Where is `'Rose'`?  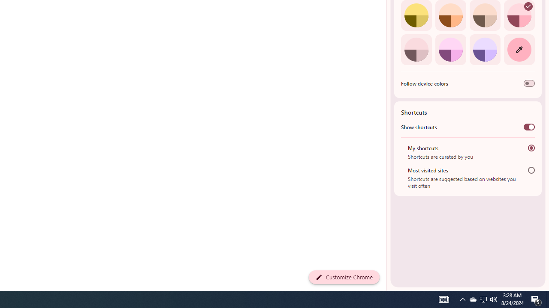 'Rose' is located at coordinates (519, 15).